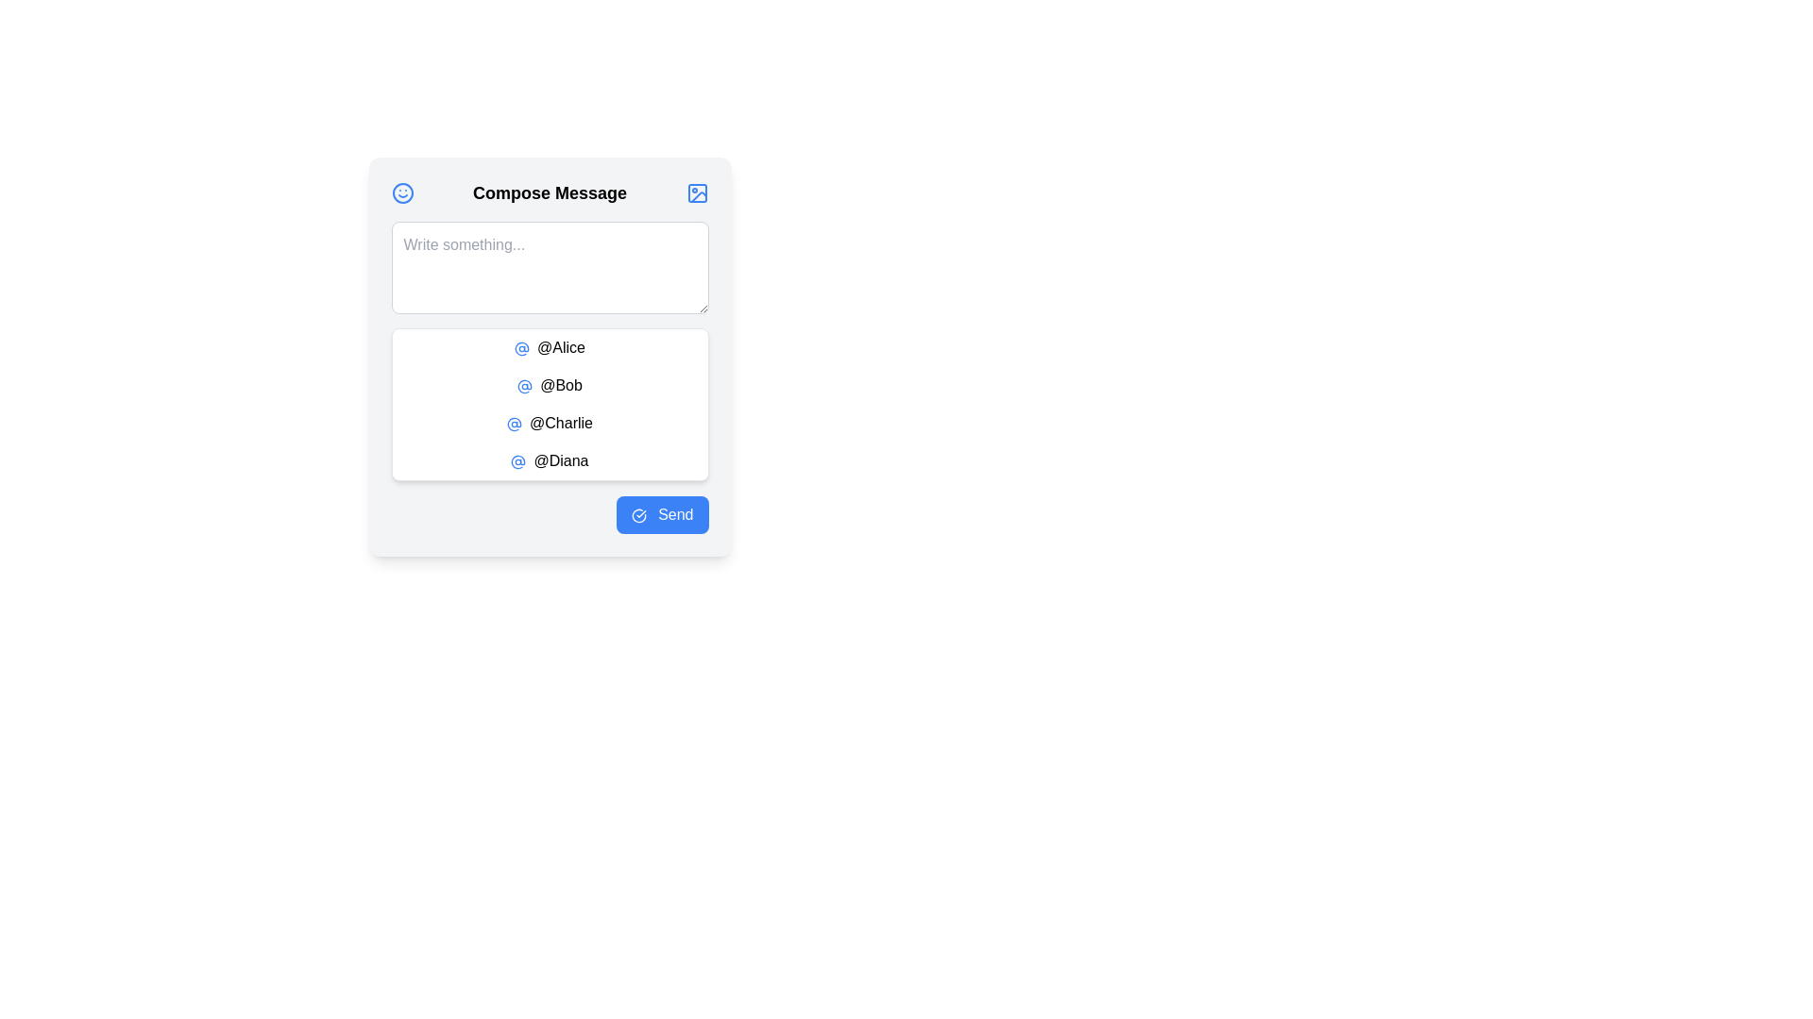  What do you see at coordinates (549, 192) in the screenshot?
I see `the Header bar containing a blue smiley icon, bold 'Compose Message' text, and a blue image icon, located at the top of the card layout` at bounding box center [549, 192].